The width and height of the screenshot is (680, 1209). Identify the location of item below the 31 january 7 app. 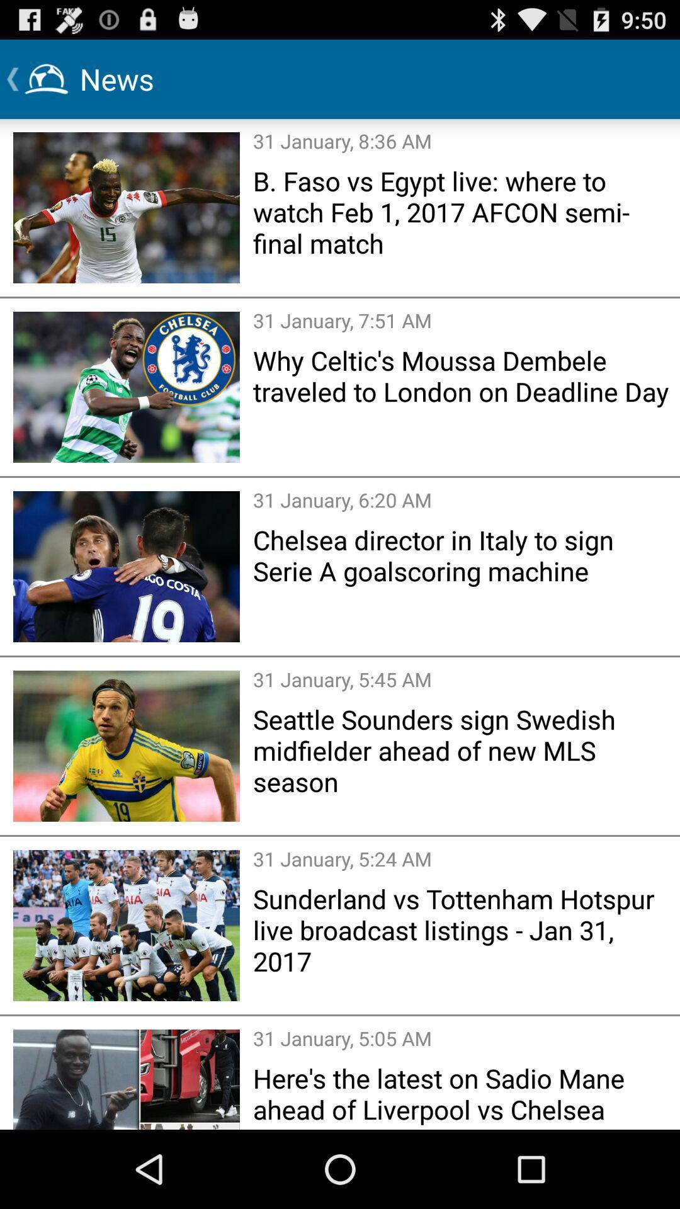
(462, 375).